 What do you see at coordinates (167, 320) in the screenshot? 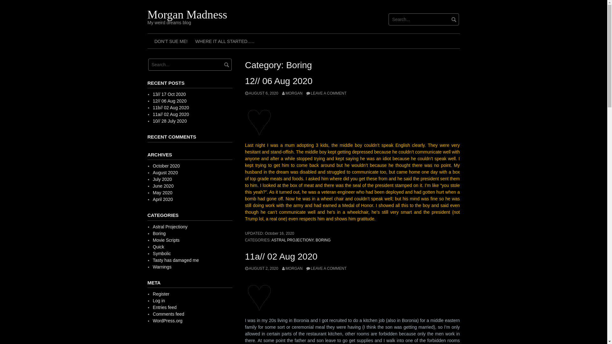
I see `'WordPress.org'` at bounding box center [167, 320].